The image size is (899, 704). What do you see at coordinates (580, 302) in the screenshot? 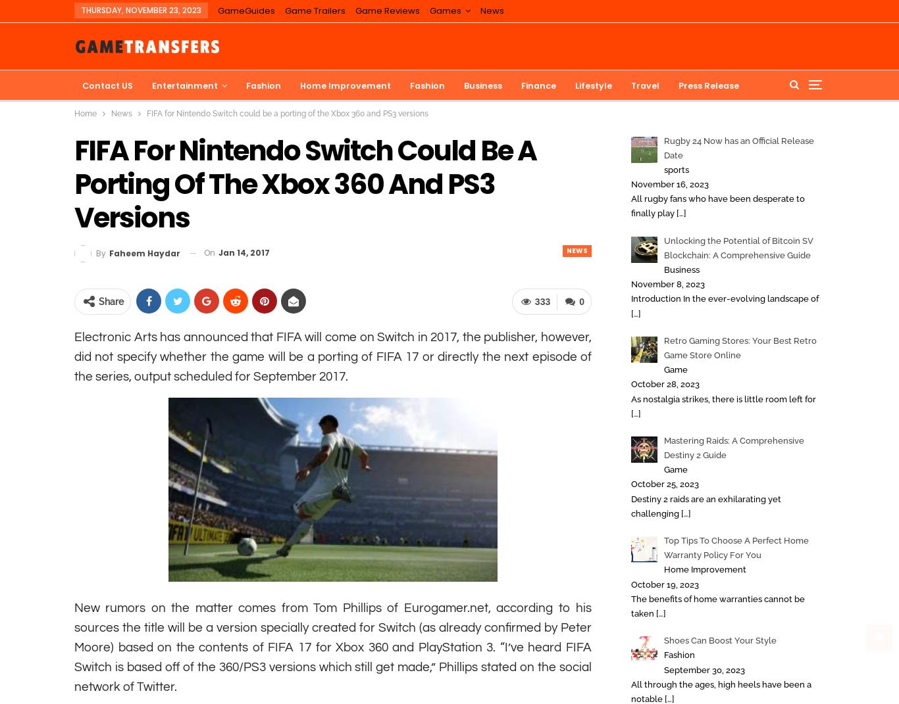
I see `'0'` at bounding box center [580, 302].